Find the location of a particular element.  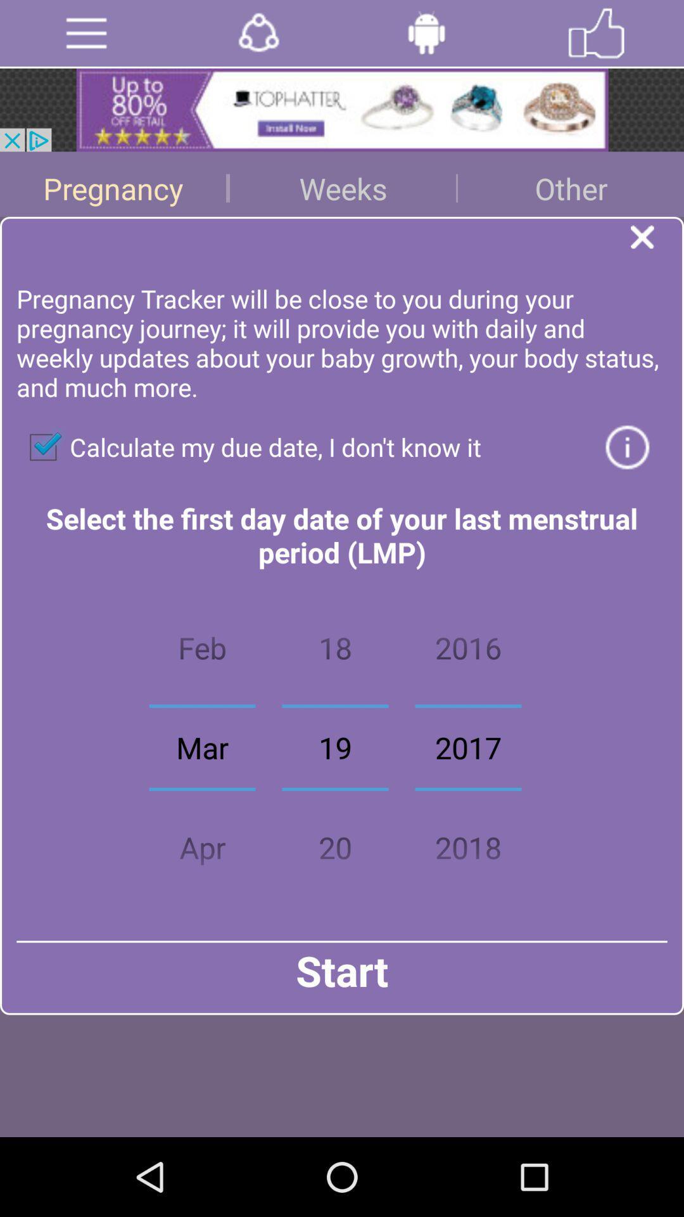

like the page is located at coordinates (596, 33).